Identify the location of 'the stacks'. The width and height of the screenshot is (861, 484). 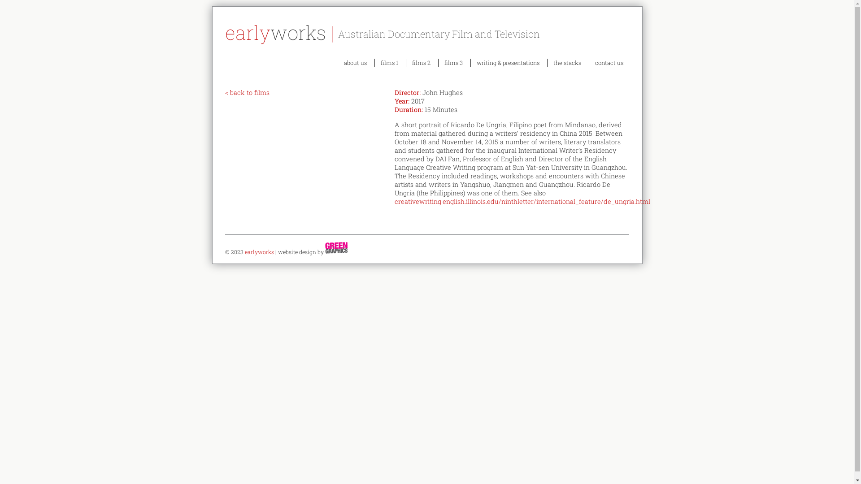
(567, 62).